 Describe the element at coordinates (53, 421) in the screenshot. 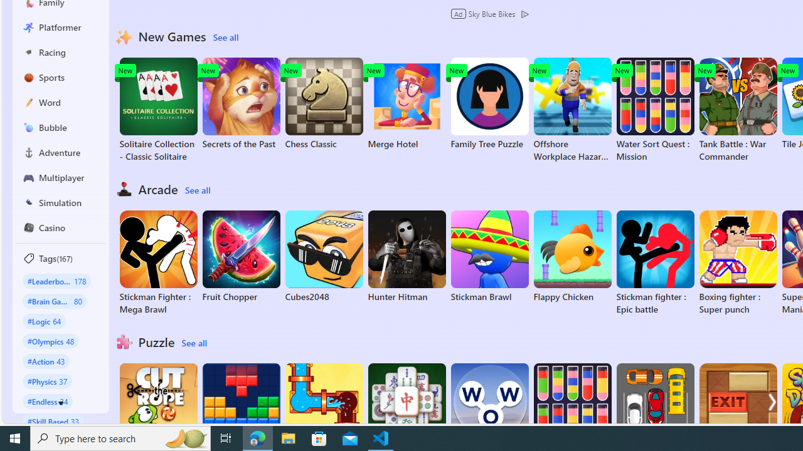

I see `'#Skill Based 33'` at that location.